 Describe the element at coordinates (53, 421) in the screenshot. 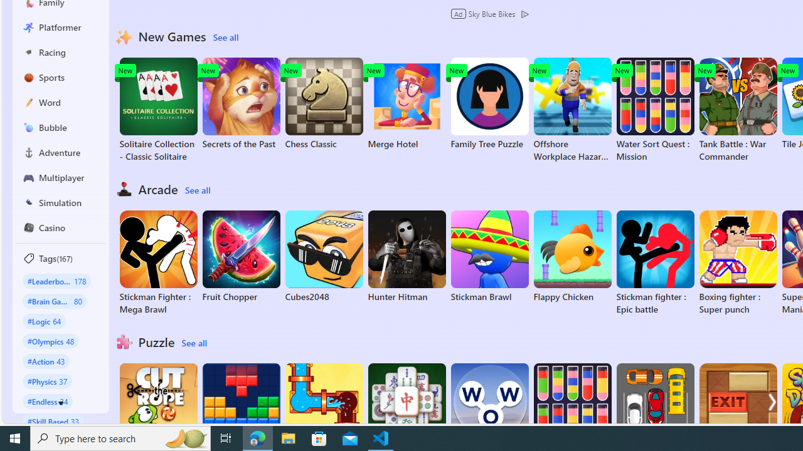

I see `'#Skill Based 33'` at that location.